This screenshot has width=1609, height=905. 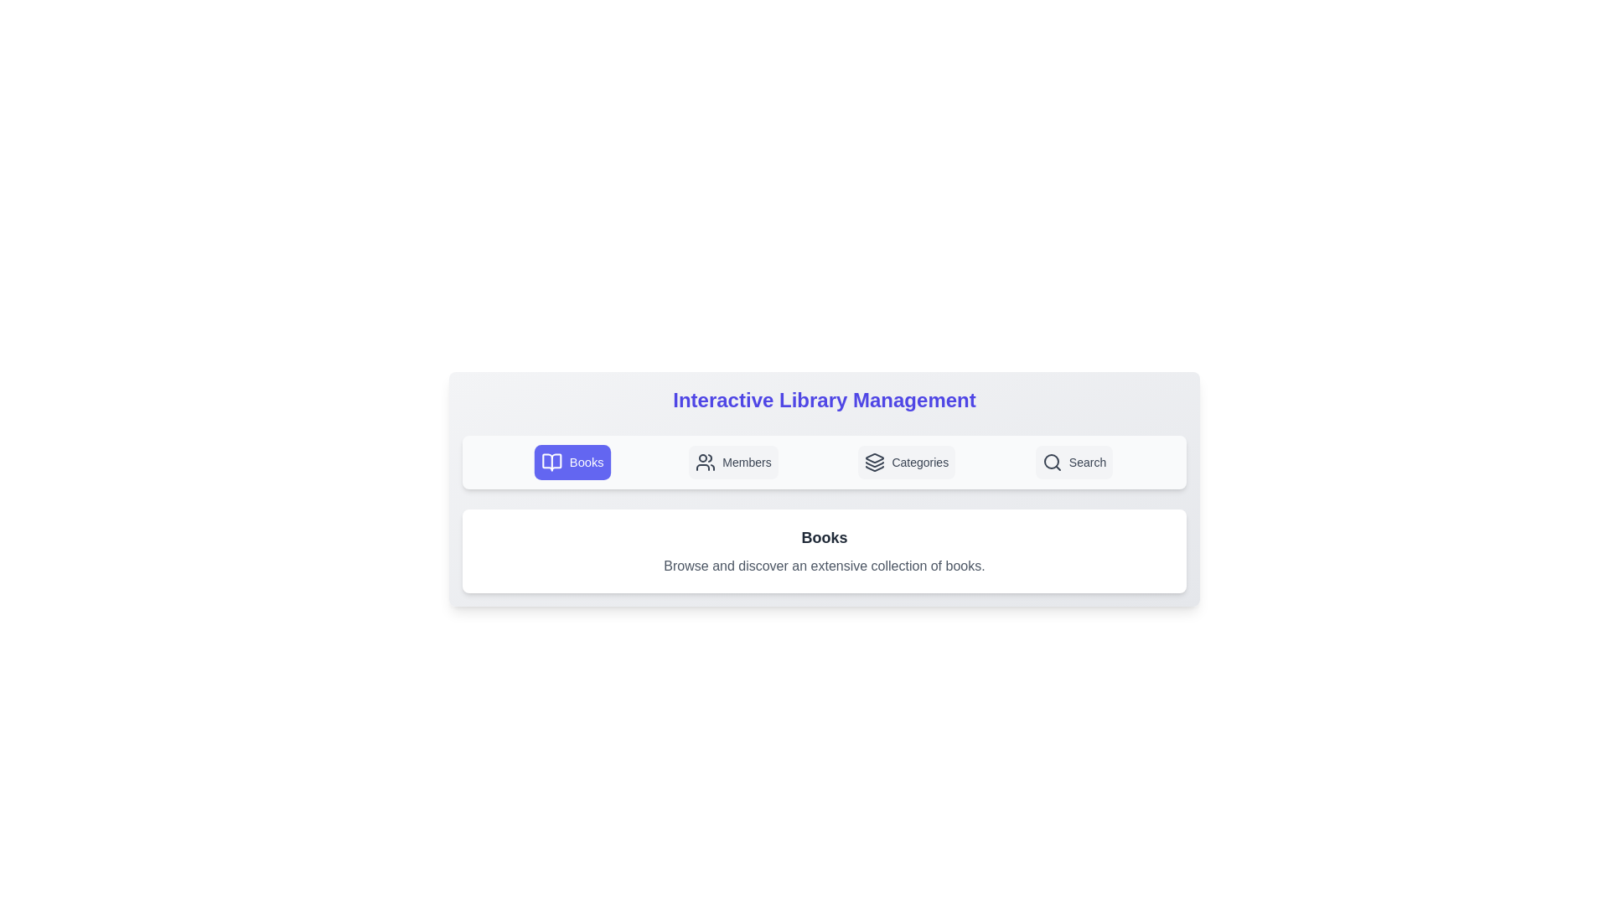 I want to click on the 'Books' text label located in the horizontal menu bar, right of the book icon, so click(x=587, y=462).